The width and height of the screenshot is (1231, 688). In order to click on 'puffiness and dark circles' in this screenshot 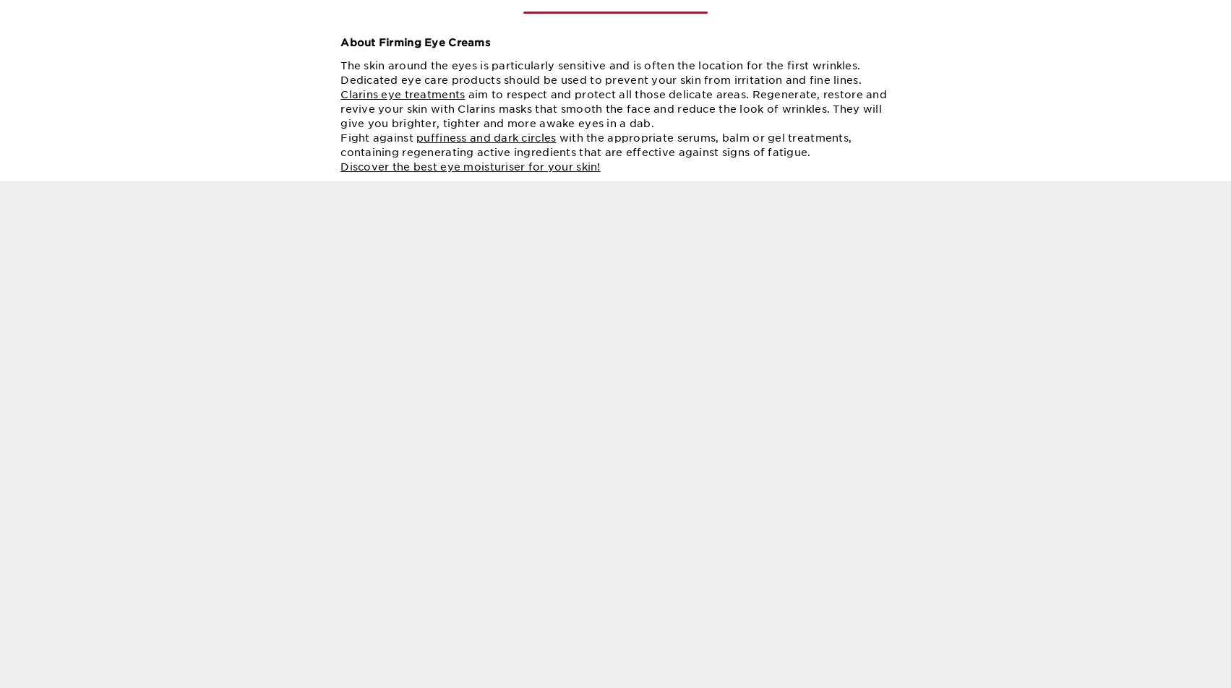, I will do `click(415, 153)`.